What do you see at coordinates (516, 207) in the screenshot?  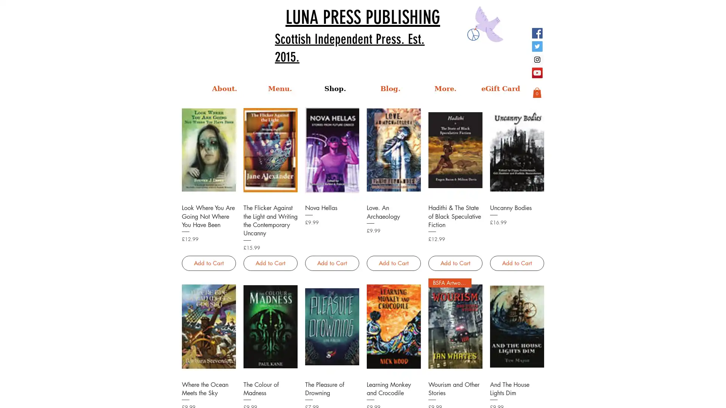 I see `Quick View` at bounding box center [516, 207].